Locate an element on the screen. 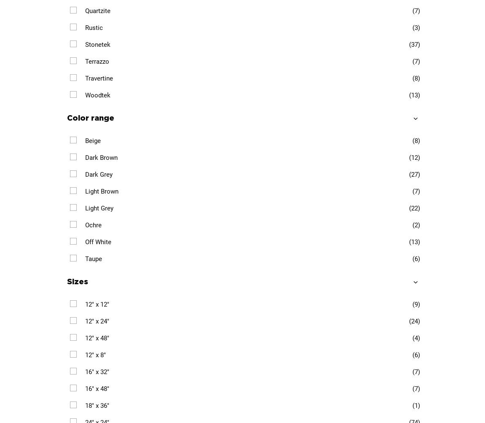  'Sizes' is located at coordinates (76, 281).